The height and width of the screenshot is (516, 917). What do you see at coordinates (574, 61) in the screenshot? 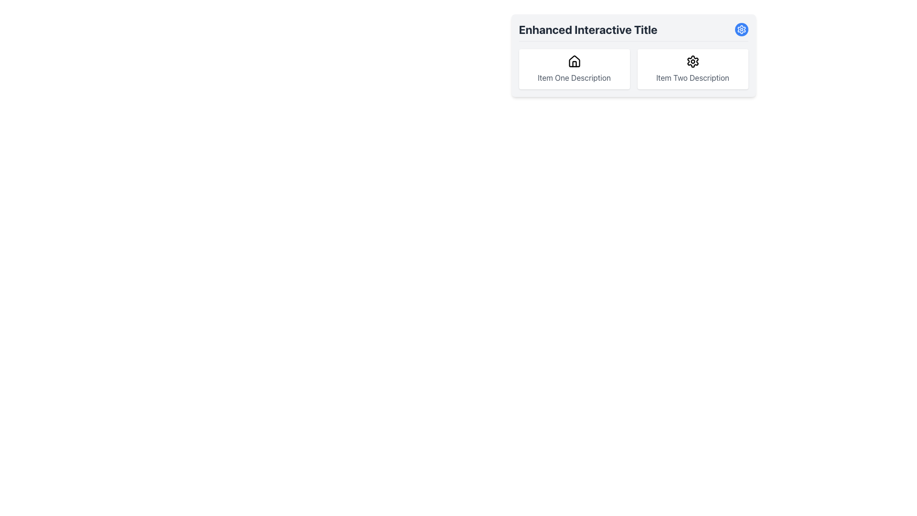
I see `the home icon located above the label 'Item One Description'` at bounding box center [574, 61].